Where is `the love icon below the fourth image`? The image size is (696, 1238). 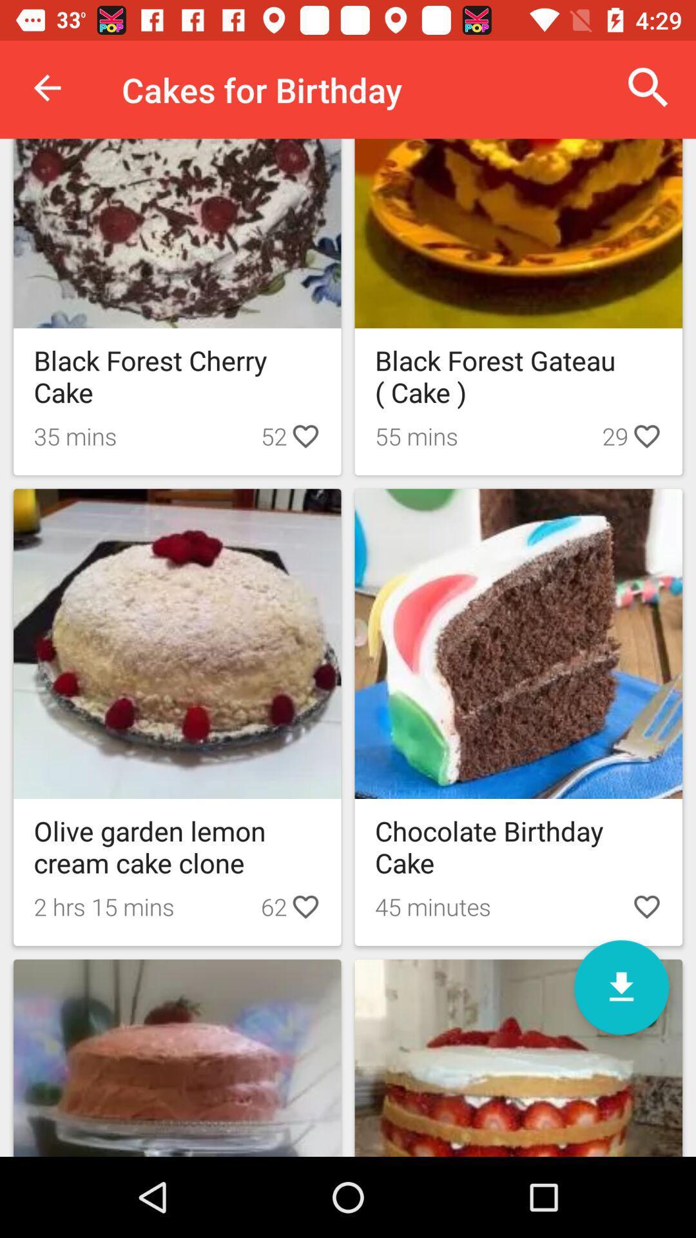
the love icon below the fourth image is located at coordinates (646, 906).